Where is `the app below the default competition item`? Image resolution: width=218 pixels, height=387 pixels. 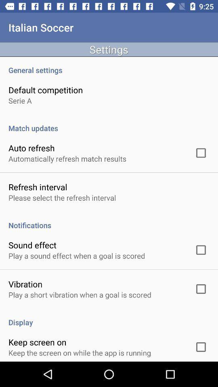
the app below the default competition item is located at coordinates (20, 100).